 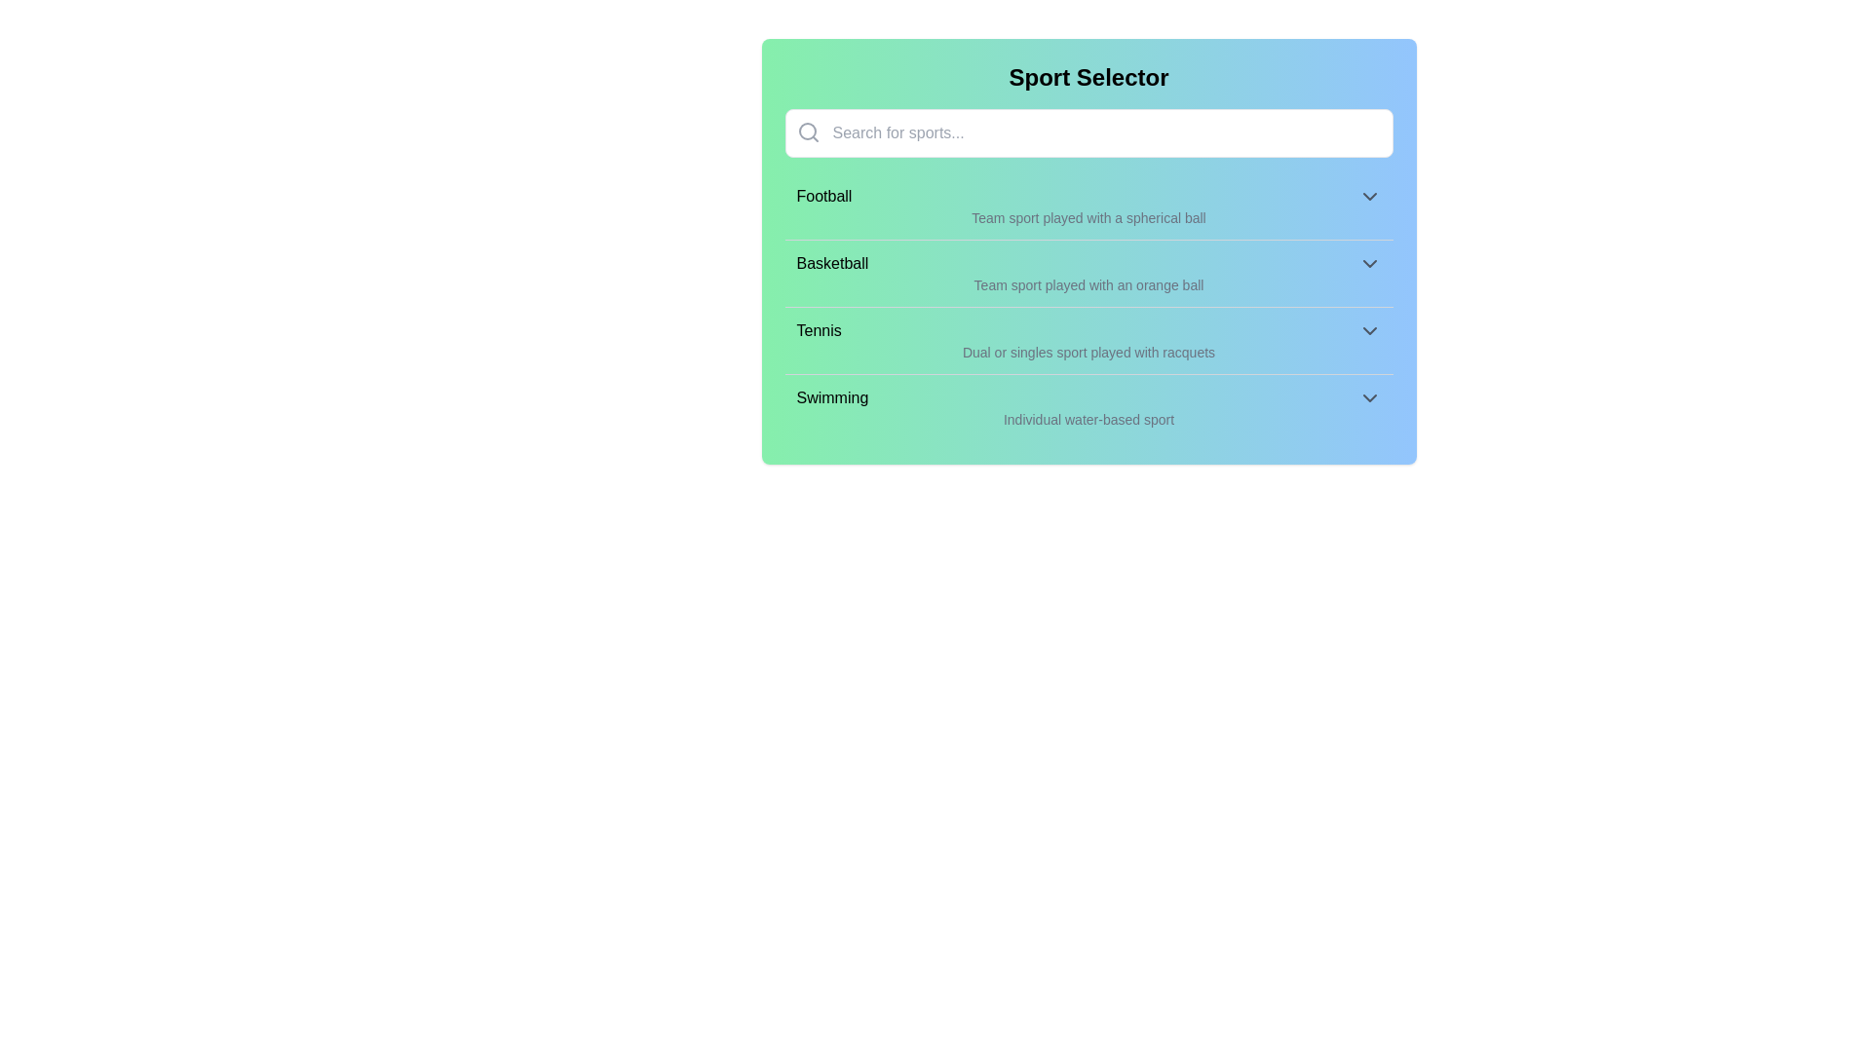 I want to click on the dropdown indicator icon located to the far right of the fourth row in the sports list, adjacent to the label 'Swimming', so click(x=1368, y=396).